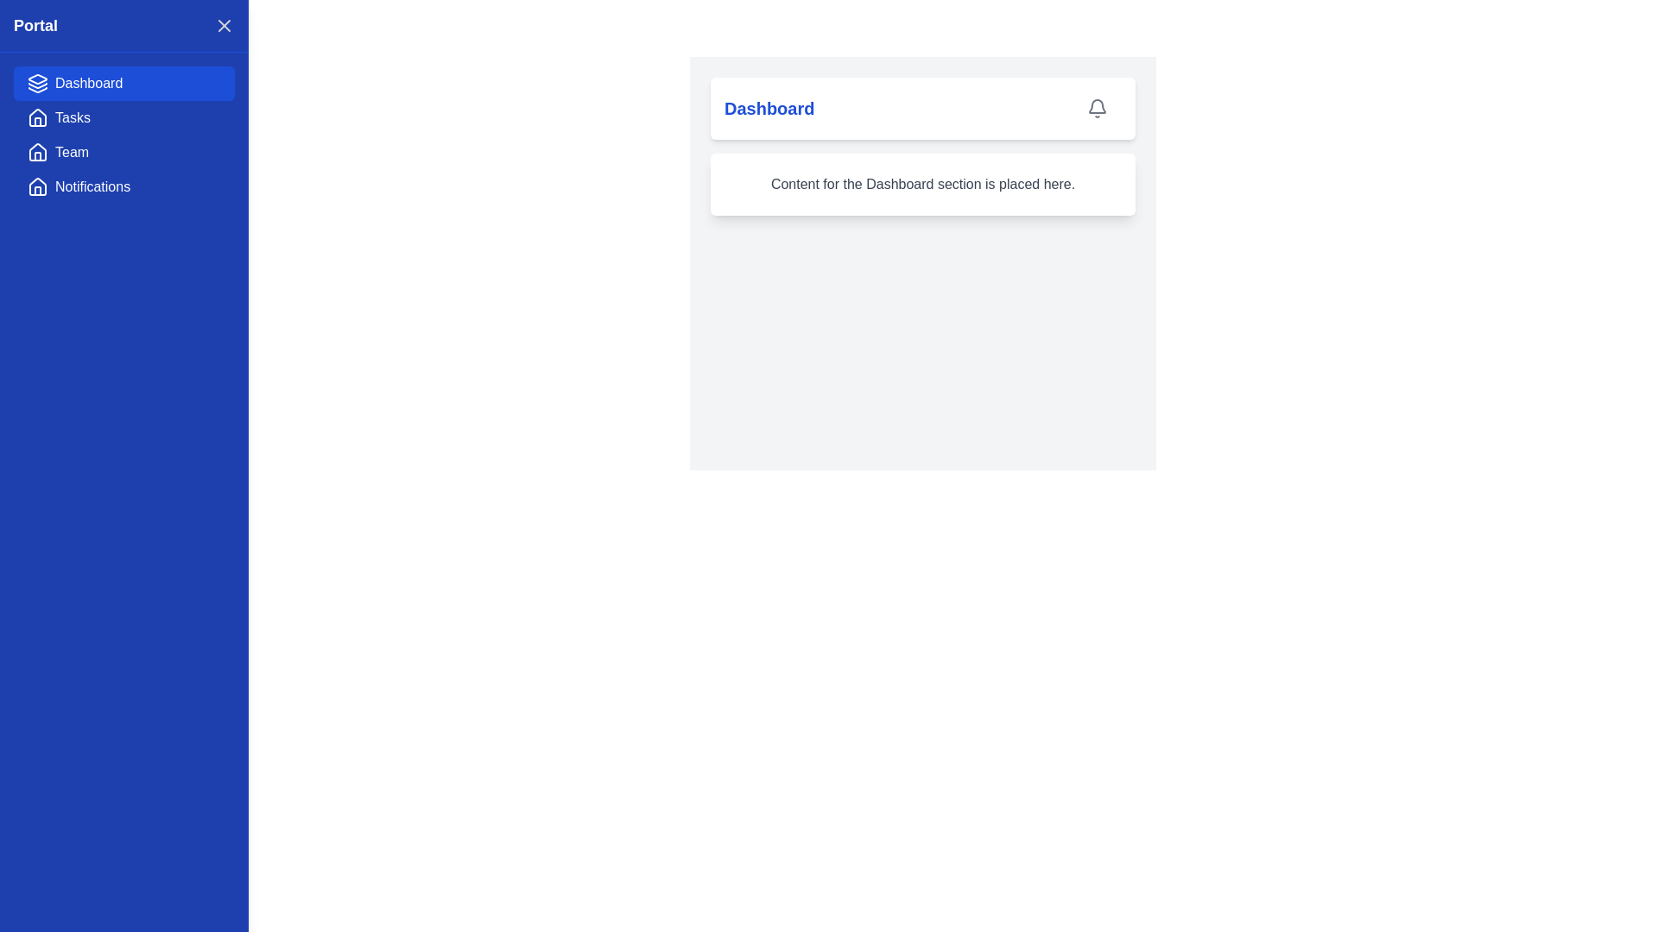 The image size is (1658, 932). What do you see at coordinates (223, 26) in the screenshot?
I see `the close icon (X) located in the top-right corner of the sidebar adjacent to the 'Portal' title` at bounding box center [223, 26].